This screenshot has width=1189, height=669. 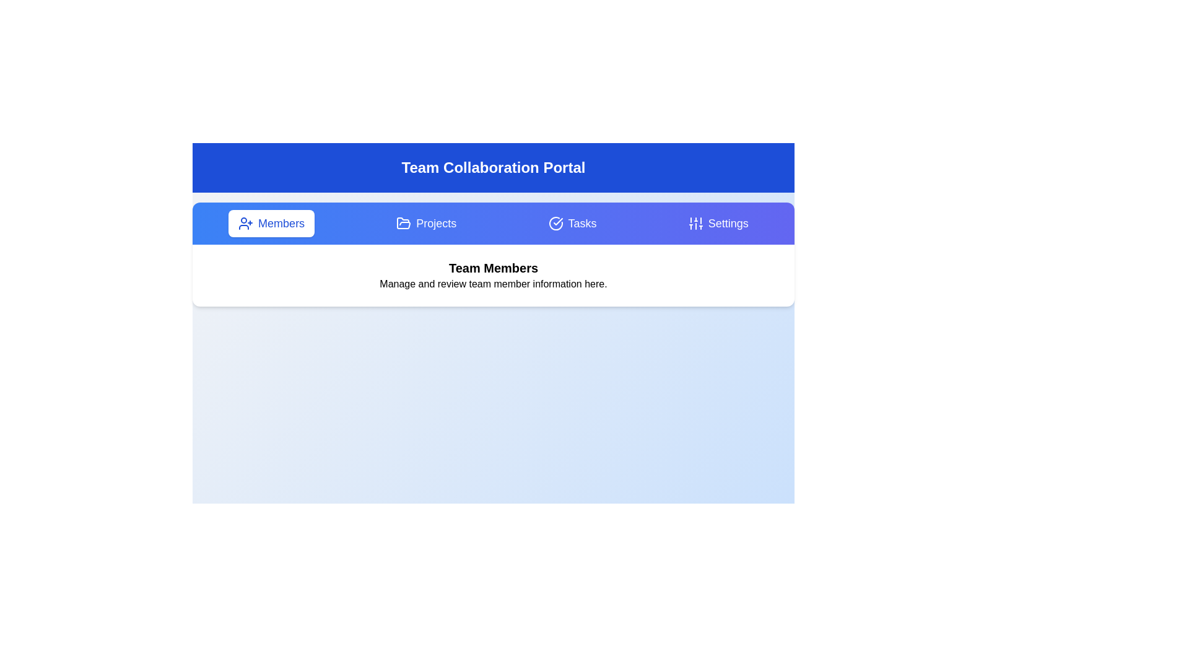 I want to click on the circular check icon located in the 'Tasks' button, which is positioned third from the left in the top horizontal navigation bar, to validate a task, so click(x=555, y=224).